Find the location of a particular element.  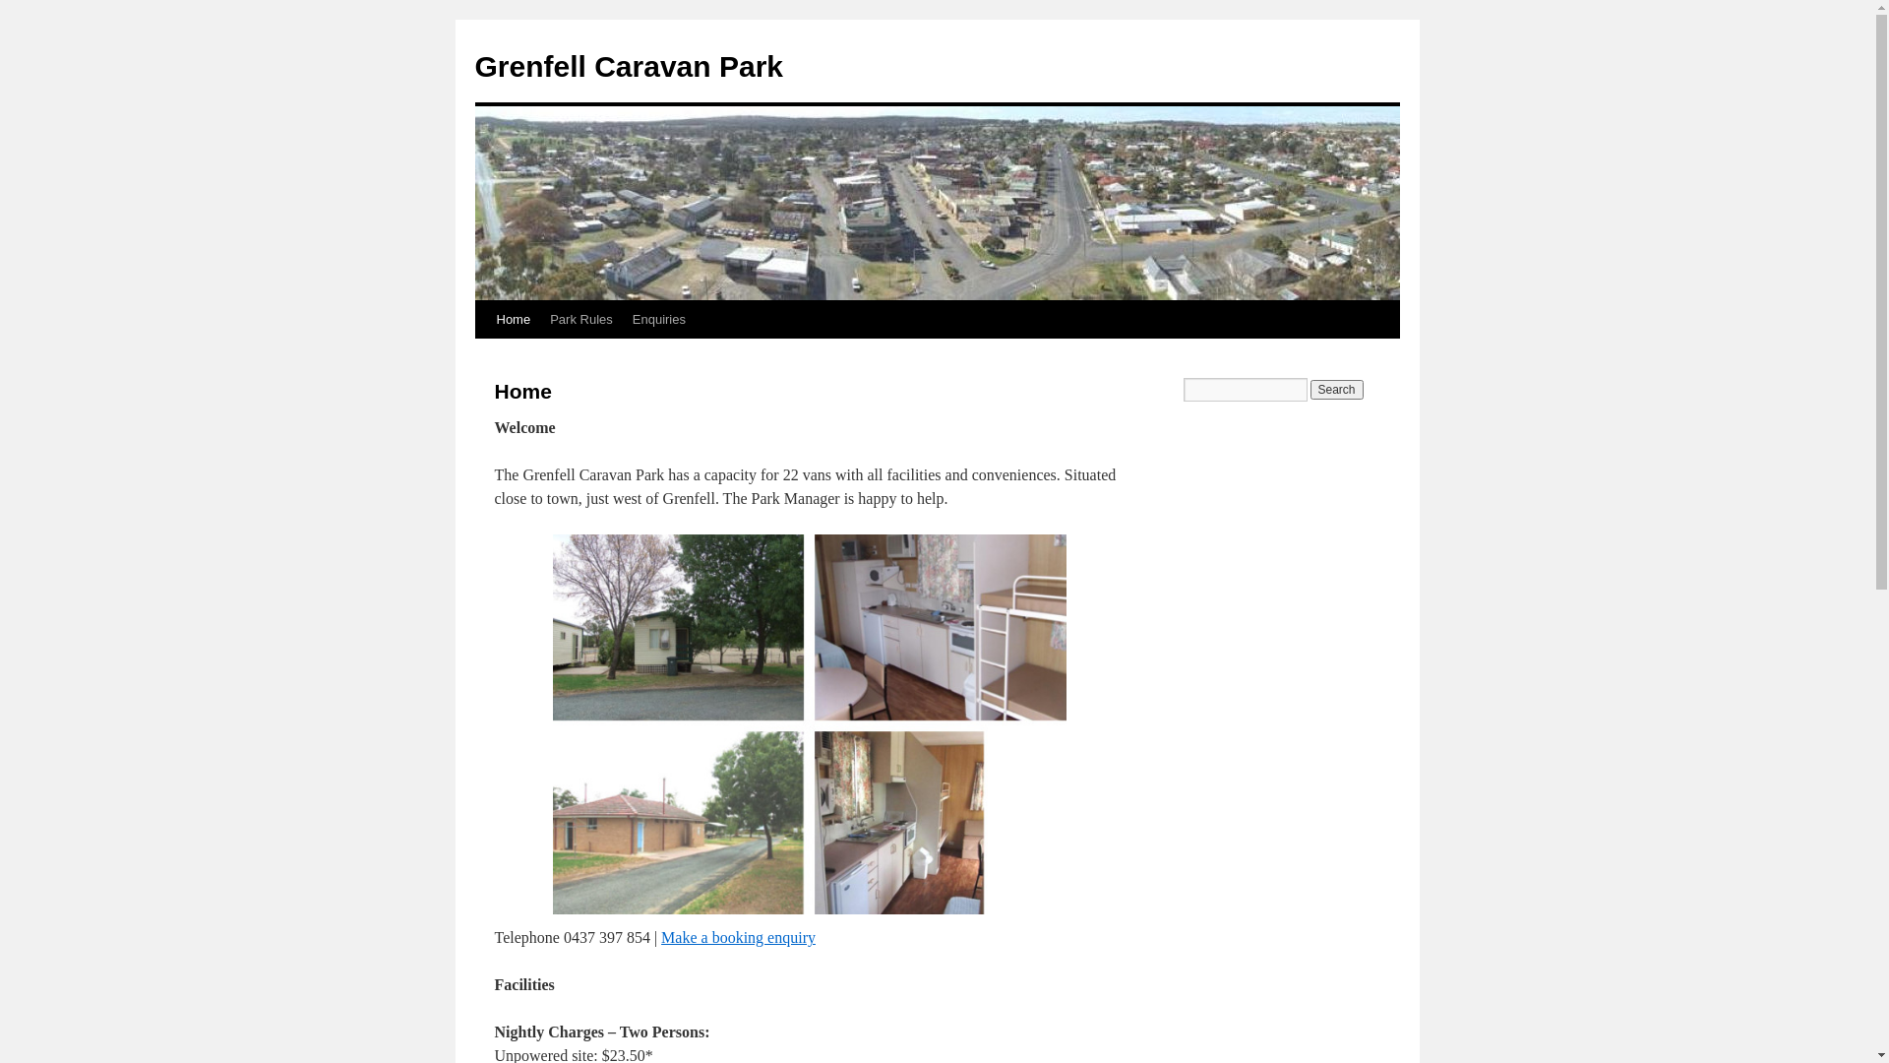

'Skip to content' is located at coordinates (483, 356).